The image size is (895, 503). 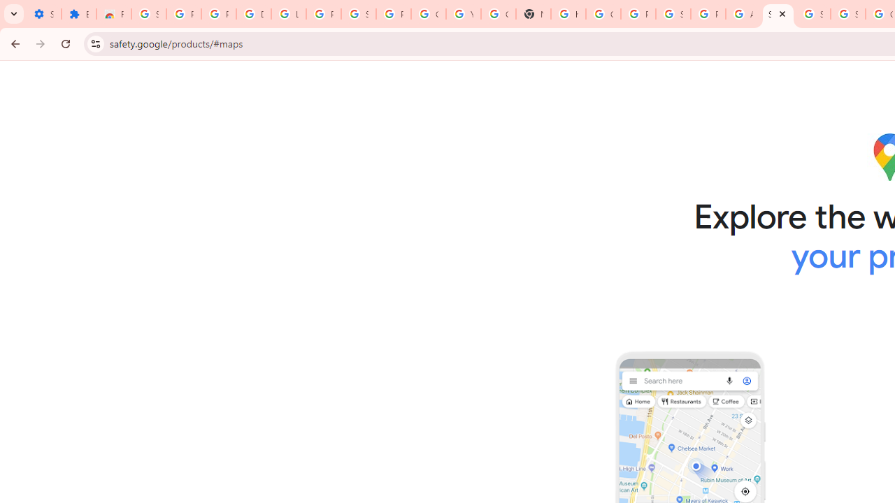 I want to click on 'Delete photos & videos - Computer - Google Photos Help', so click(x=253, y=14).